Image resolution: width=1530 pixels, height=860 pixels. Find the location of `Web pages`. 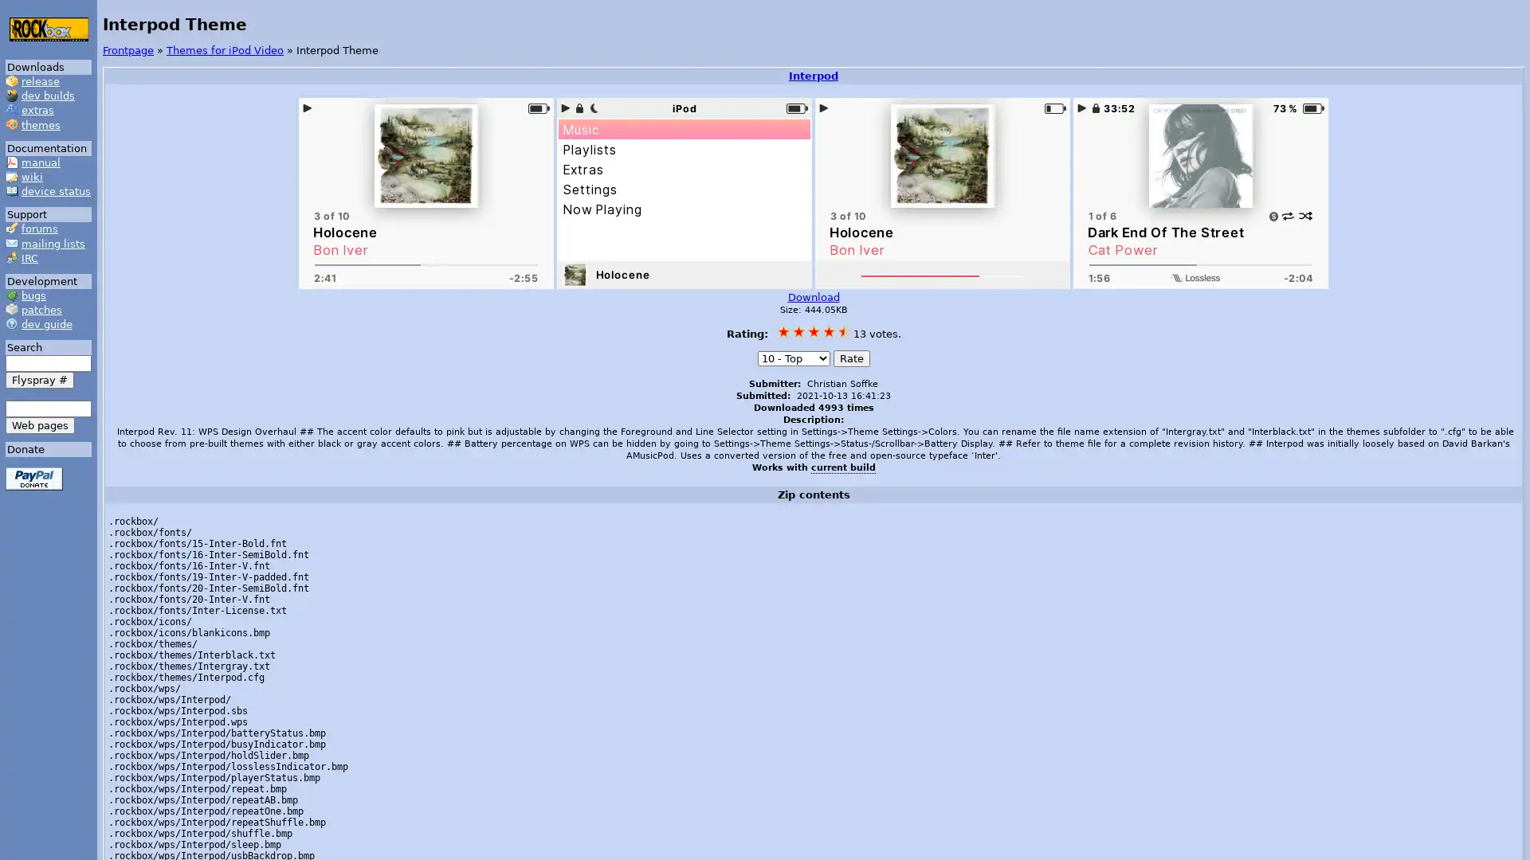

Web pages is located at coordinates (40, 424).